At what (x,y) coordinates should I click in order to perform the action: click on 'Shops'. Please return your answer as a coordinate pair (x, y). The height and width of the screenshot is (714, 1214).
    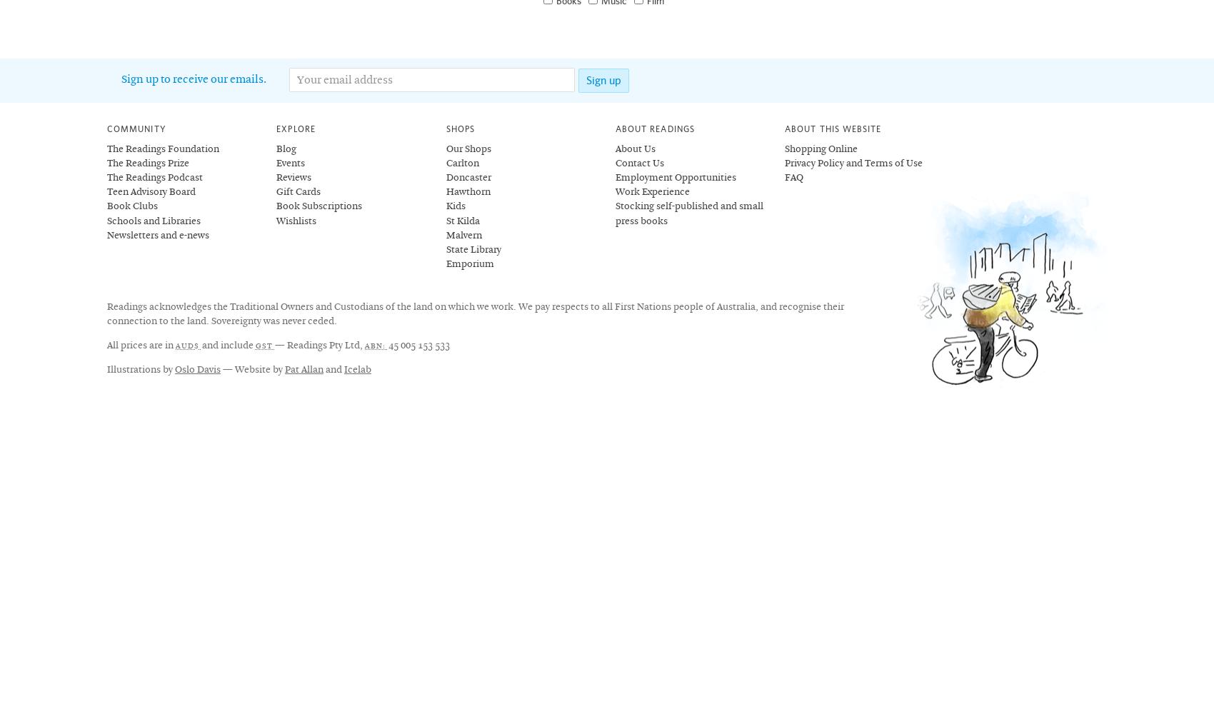
    Looking at the image, I should click on (459, 128).